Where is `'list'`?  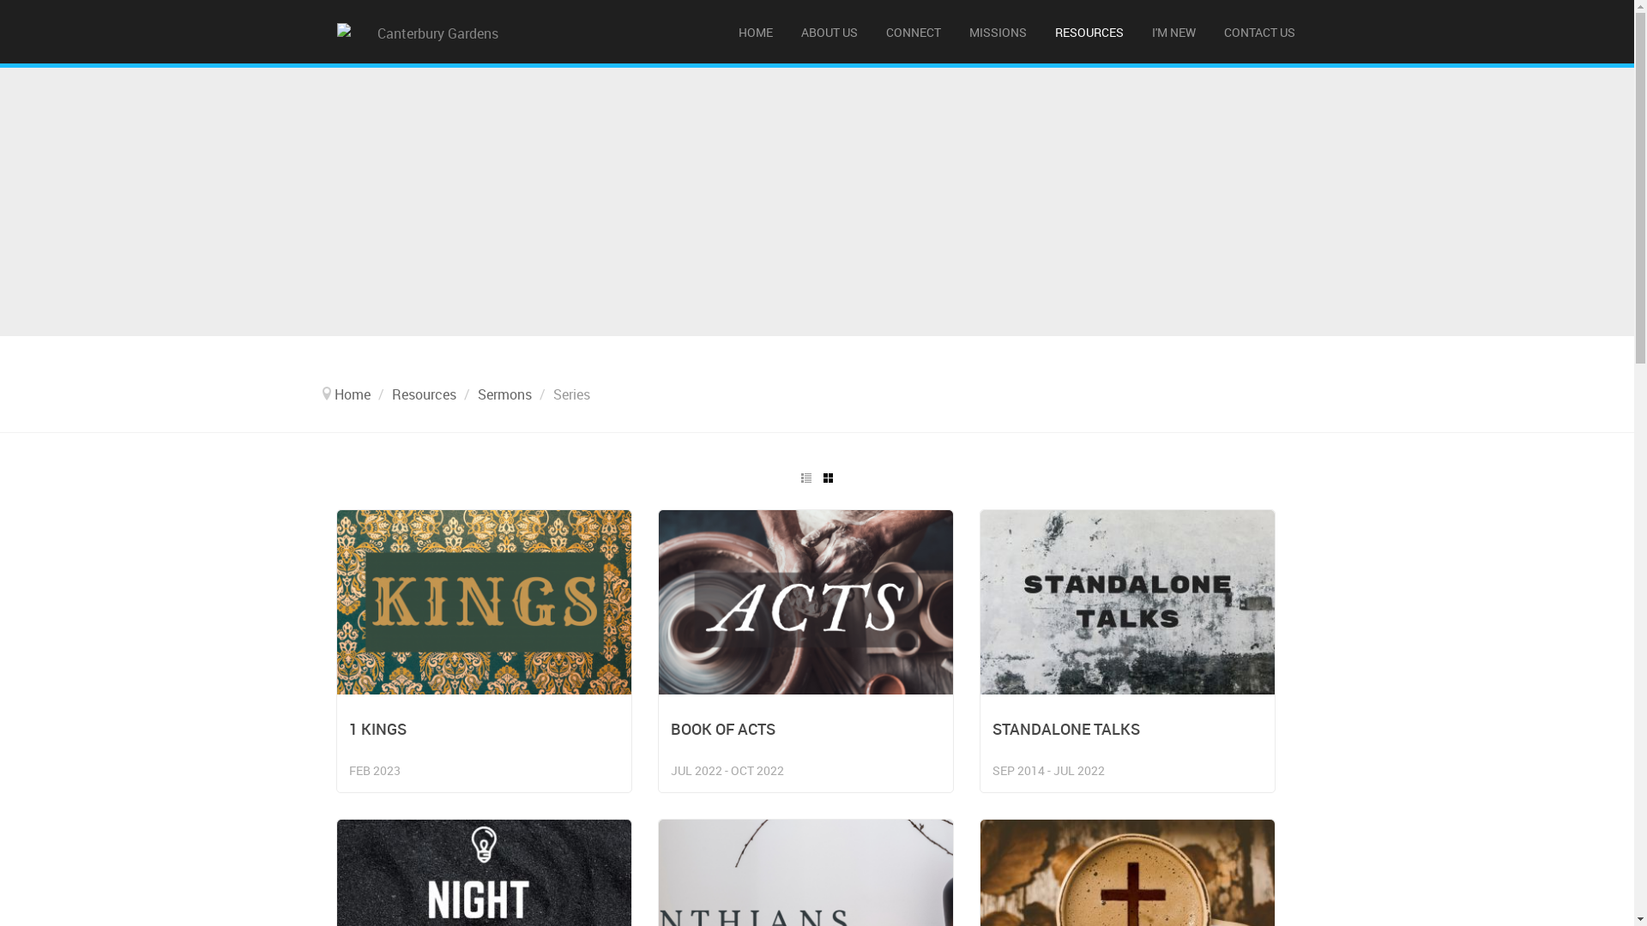
'list' is located at coordinates (805, 478).